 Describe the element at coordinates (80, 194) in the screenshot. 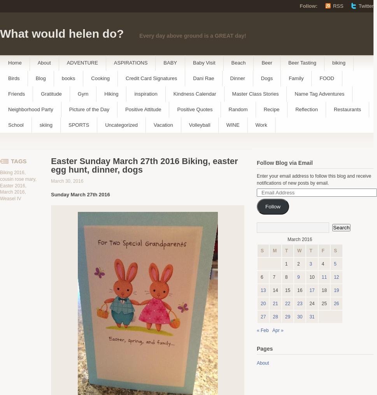

I see `'Sunday March 27th 2016'` at that location.